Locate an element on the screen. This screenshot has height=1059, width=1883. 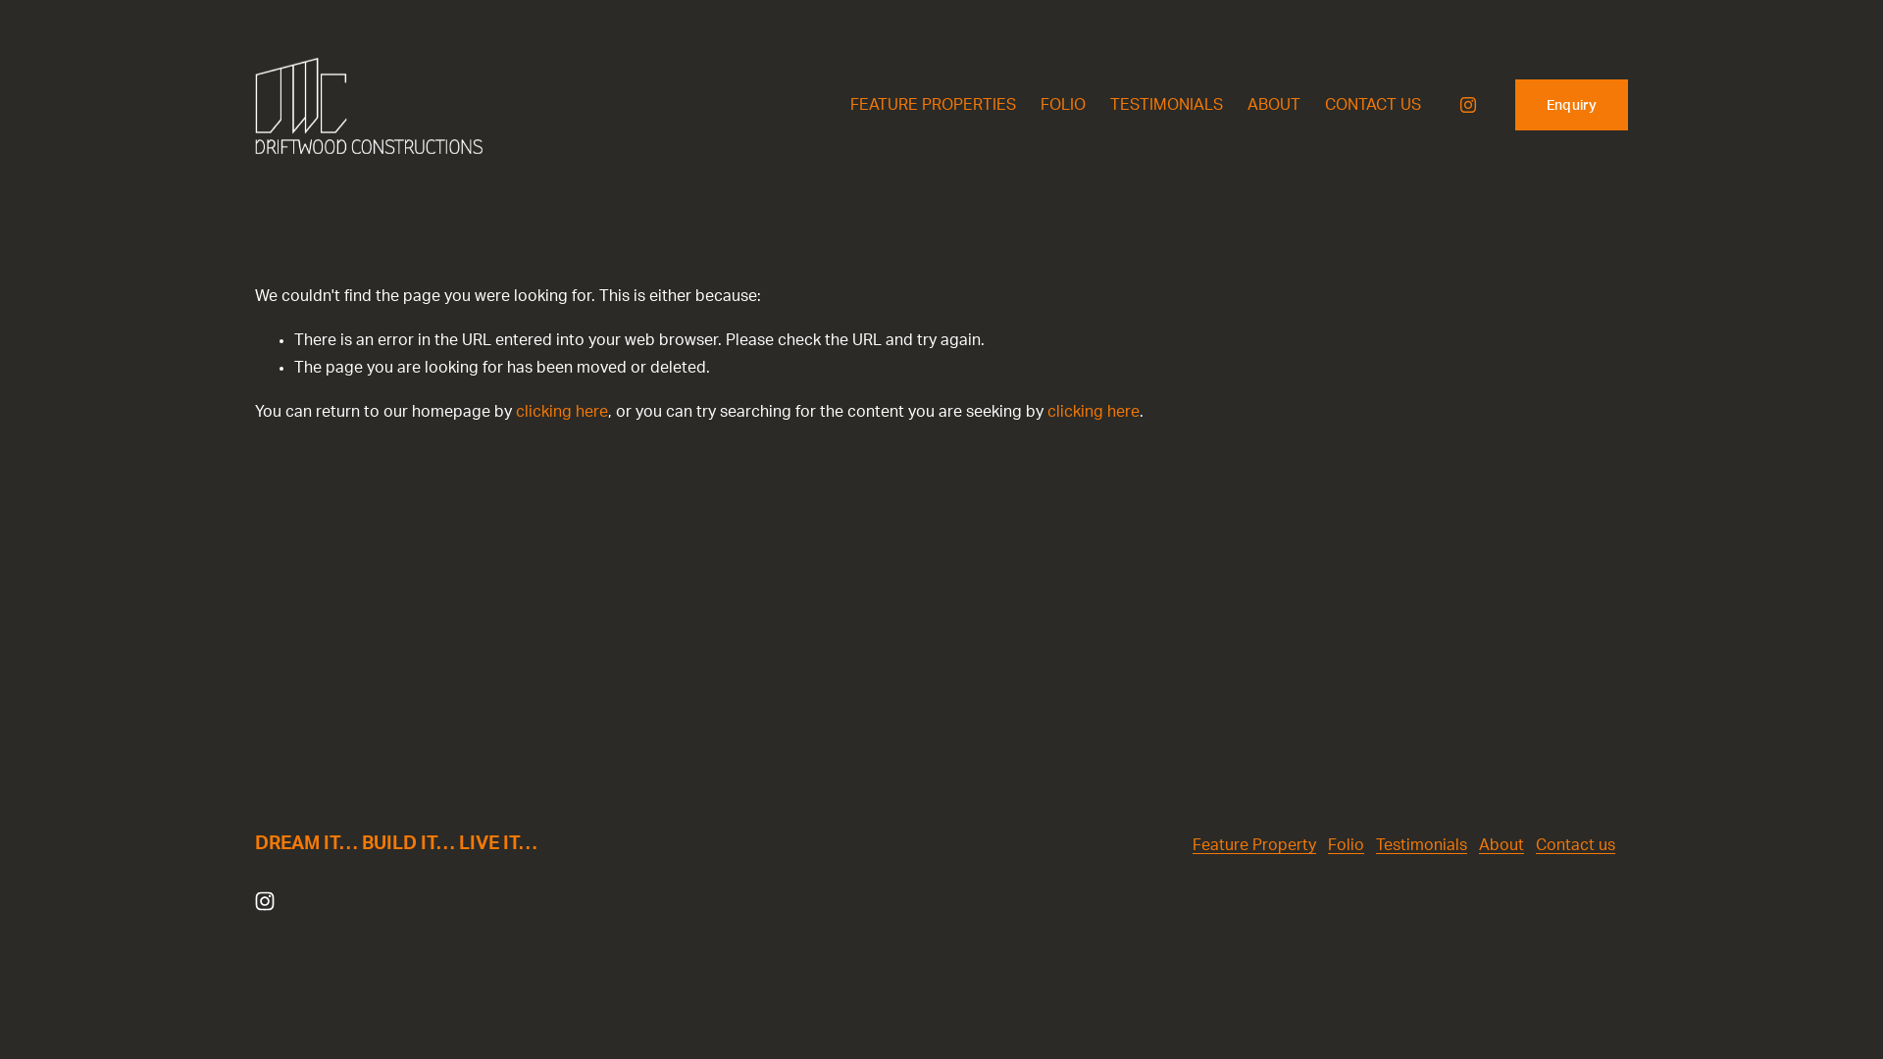
'ABOUT' is located at coordinates (1274, 105).